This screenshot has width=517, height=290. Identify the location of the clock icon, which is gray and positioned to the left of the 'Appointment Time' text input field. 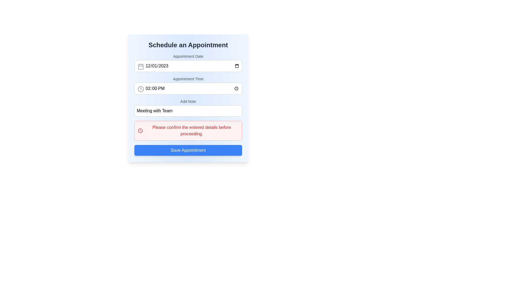
(141, 89).